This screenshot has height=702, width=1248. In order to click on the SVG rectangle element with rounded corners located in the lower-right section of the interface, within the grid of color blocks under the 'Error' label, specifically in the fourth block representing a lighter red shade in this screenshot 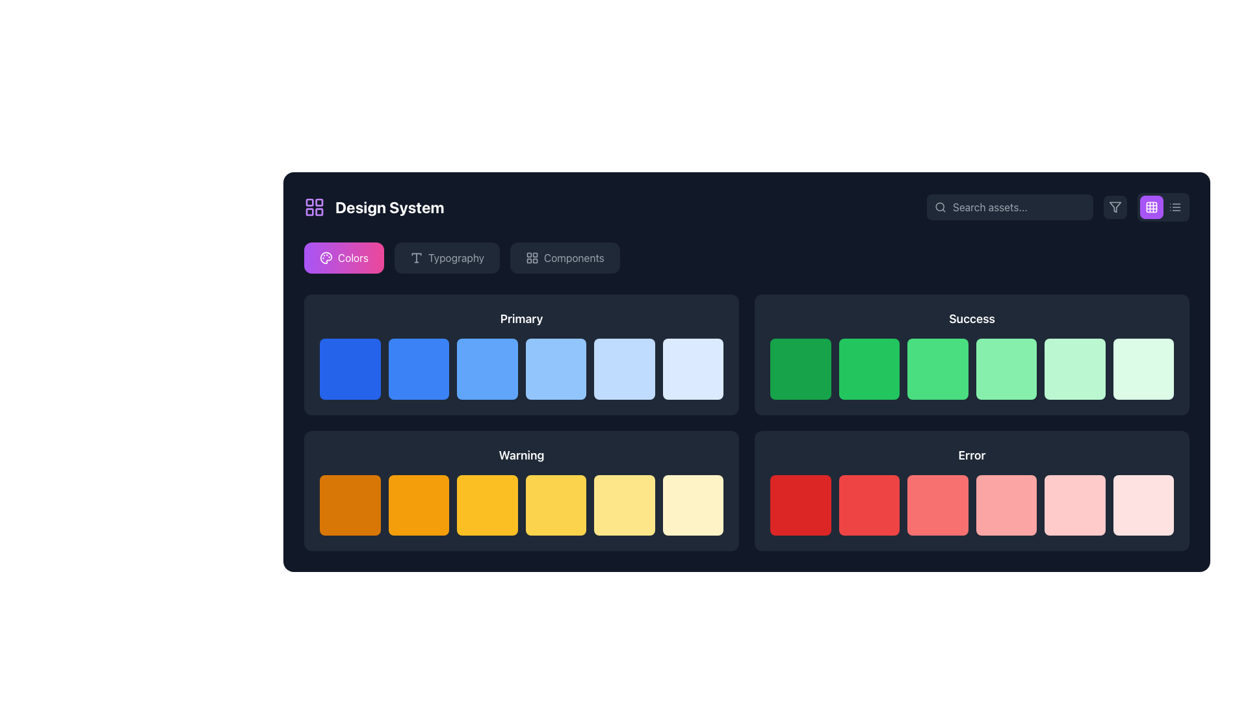, I will do `click(1076, 506)`.